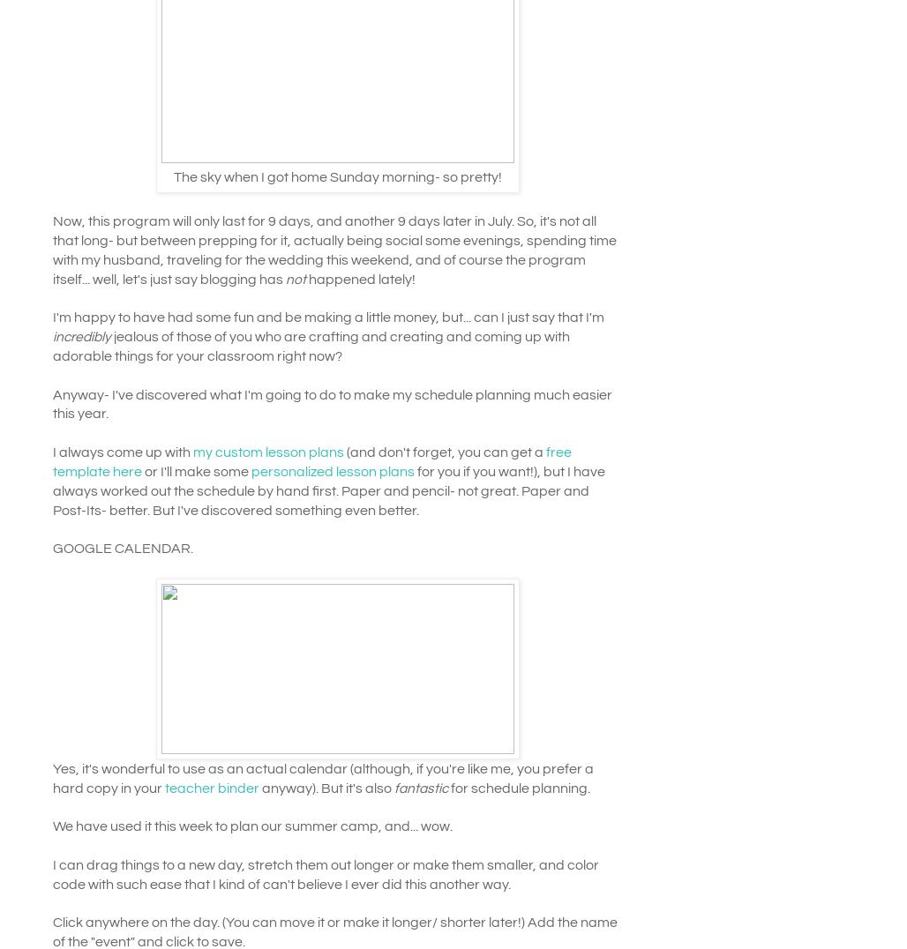 This screenshot has height=949, width=907. I want to click on 'jealous of those of you who are crafting and creating and coming up with adorable things for your classroom right now?', so click(311, 345).